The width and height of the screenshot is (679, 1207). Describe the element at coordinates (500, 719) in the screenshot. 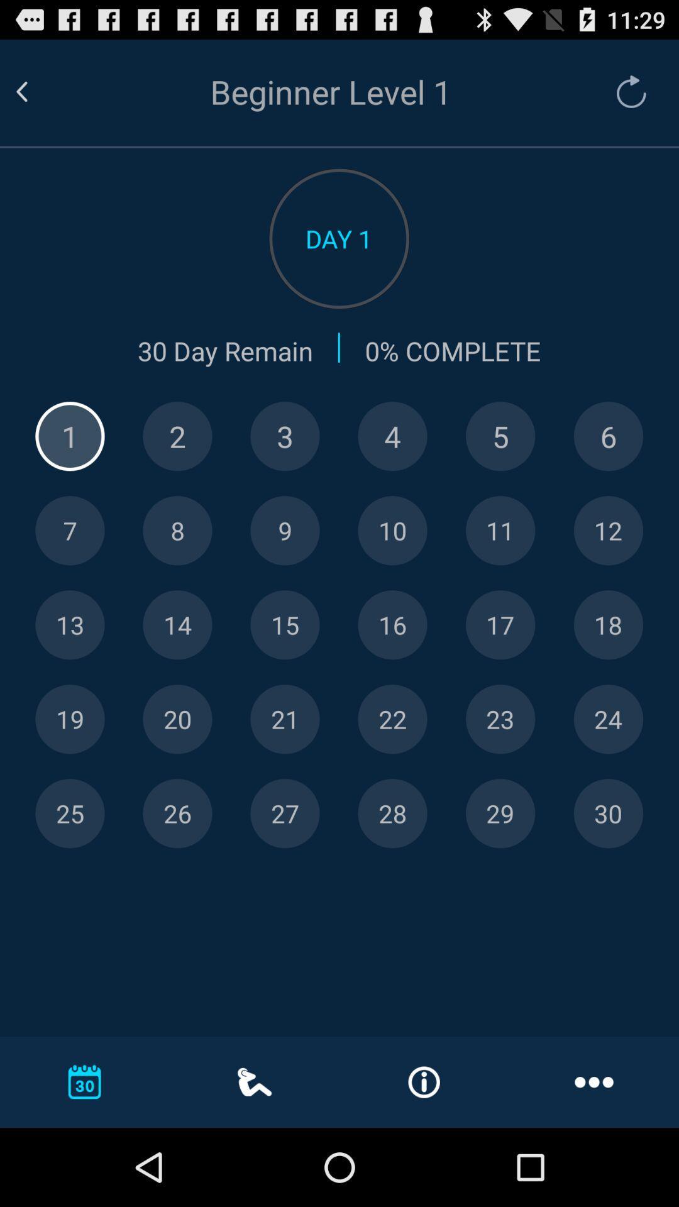

I see `day 23` at that location.